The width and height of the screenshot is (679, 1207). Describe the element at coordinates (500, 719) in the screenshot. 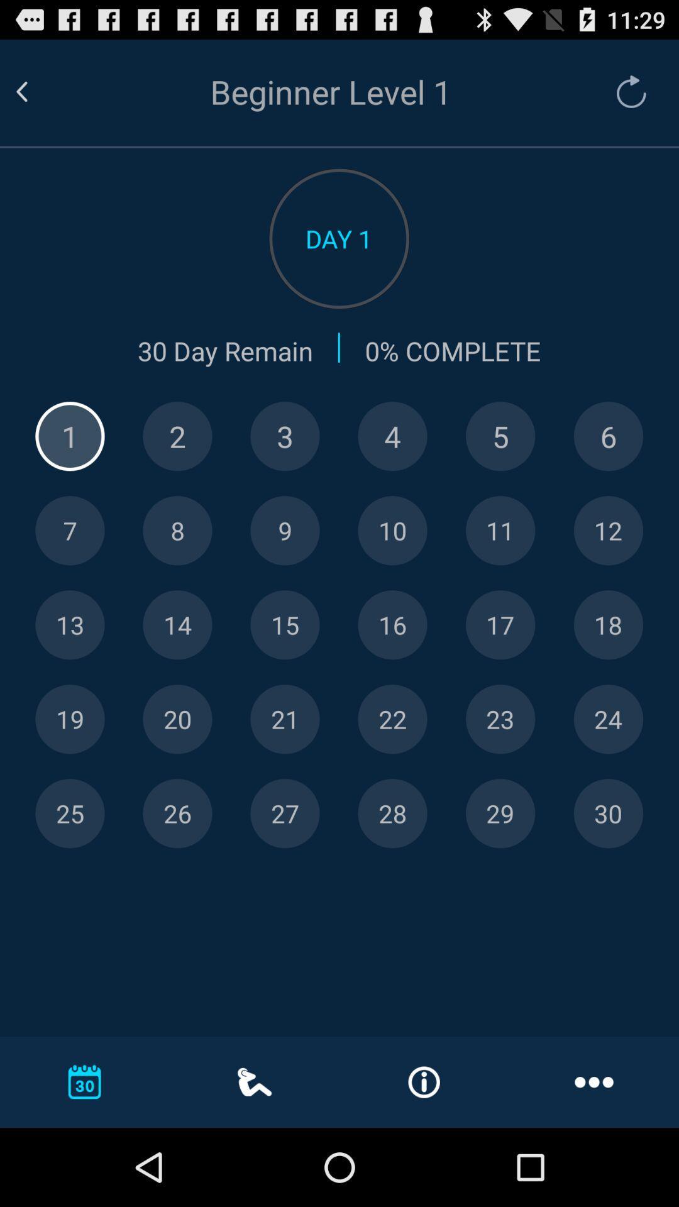

I see `day 23` at that location.